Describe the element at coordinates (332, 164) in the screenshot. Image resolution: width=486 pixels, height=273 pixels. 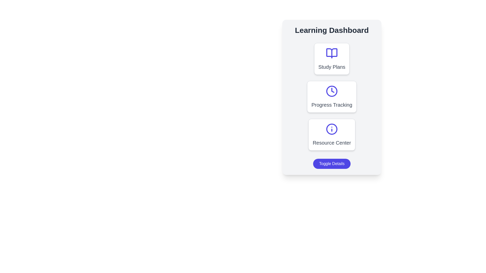
I see `the toggle visibility button located at the bottom of the vertically aligned list in the 'Learning Dashboard' section, beneath the 'Resource Center' section` at that location.